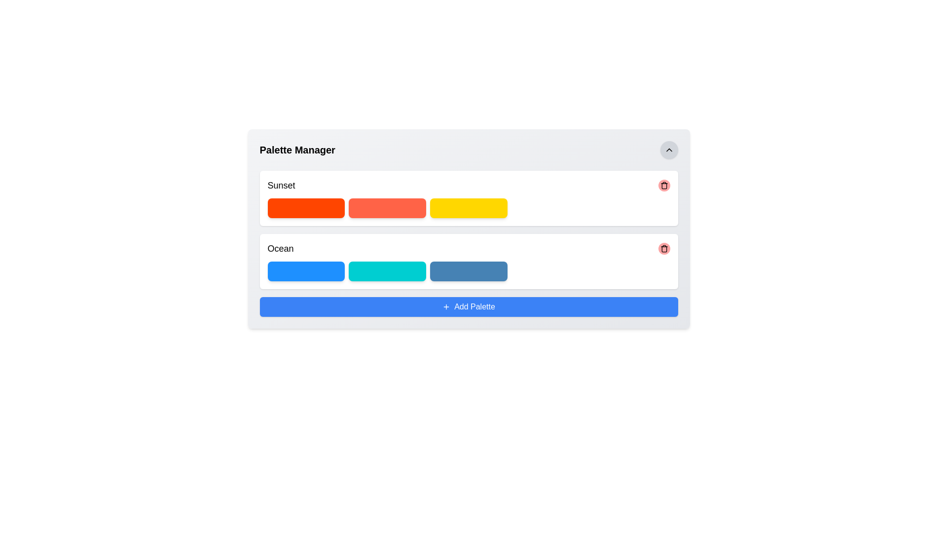 Image resolution: width=947 pixels, height=533 pixels. I want to click on the circular red button with a white trashcan icon located on the right side of the 'Sunset' row, so click(664, 185).